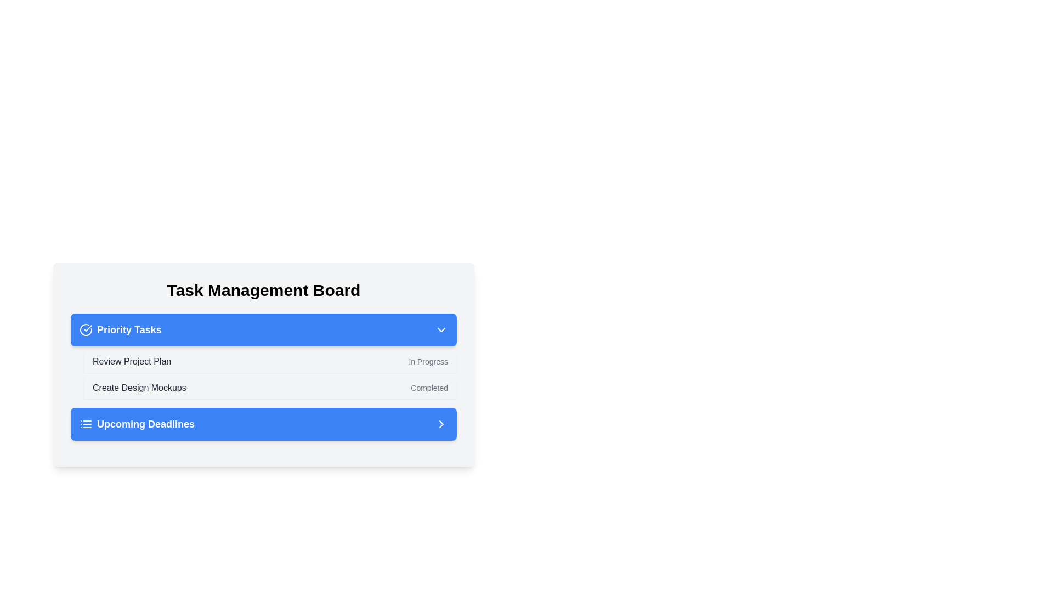 This screenshot has width=1053, height=592. I want to click on the down-pointing chevron icon, so click(441, 329).